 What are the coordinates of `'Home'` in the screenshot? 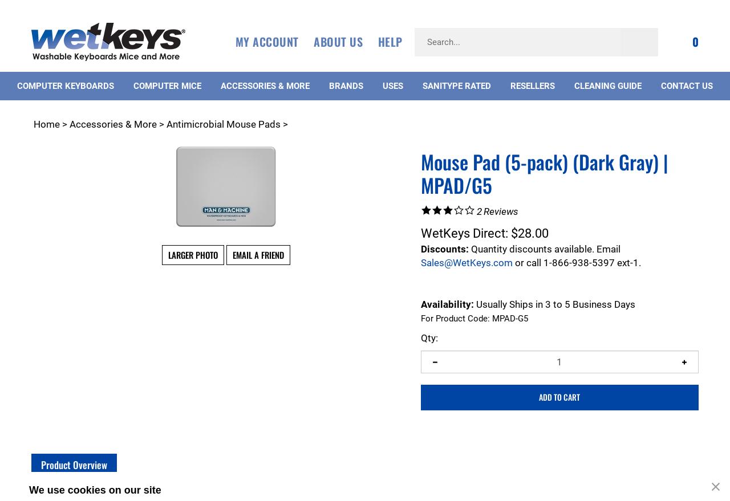 It's located at (46, 124).